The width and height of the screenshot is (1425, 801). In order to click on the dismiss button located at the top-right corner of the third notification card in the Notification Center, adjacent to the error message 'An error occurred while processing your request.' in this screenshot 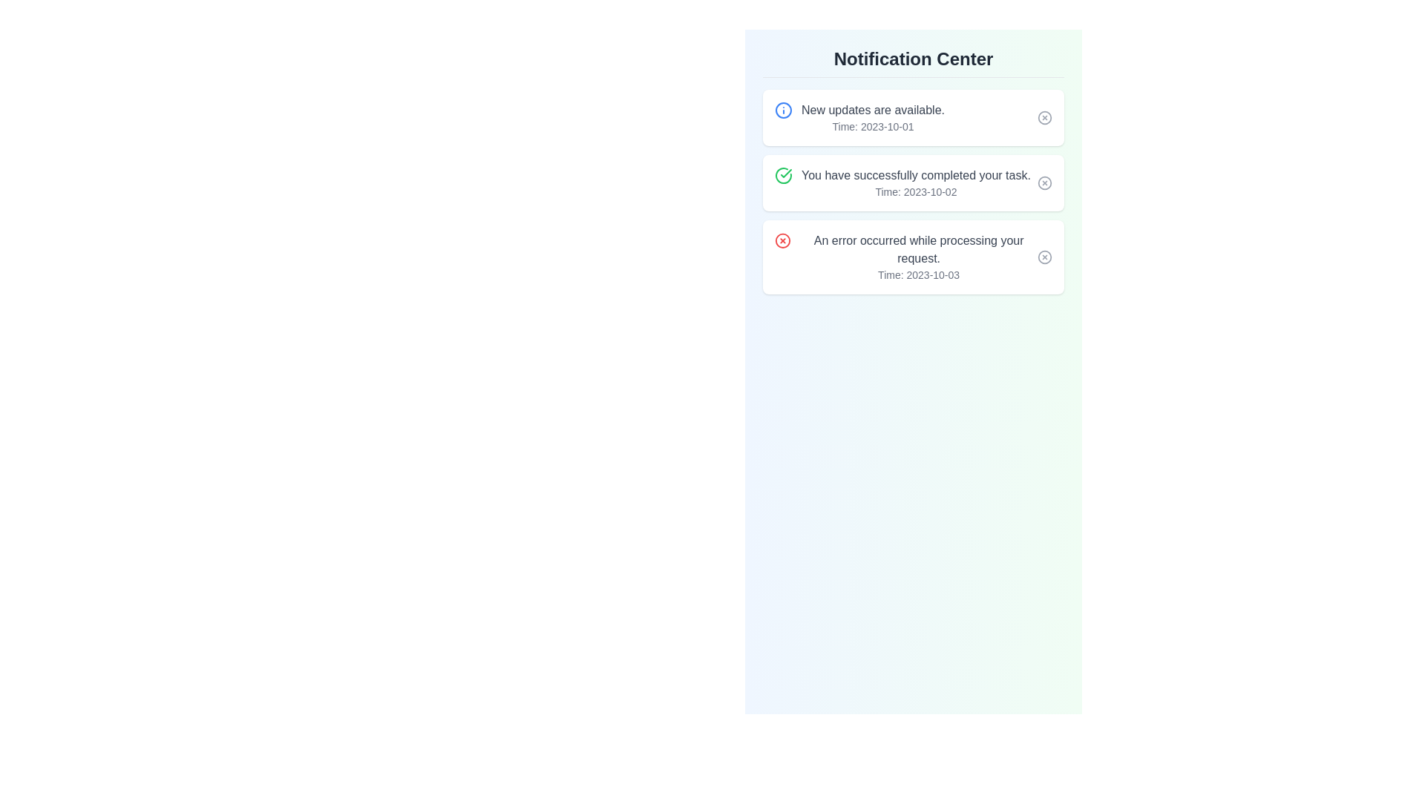, I will do `click(1044, 257)`.